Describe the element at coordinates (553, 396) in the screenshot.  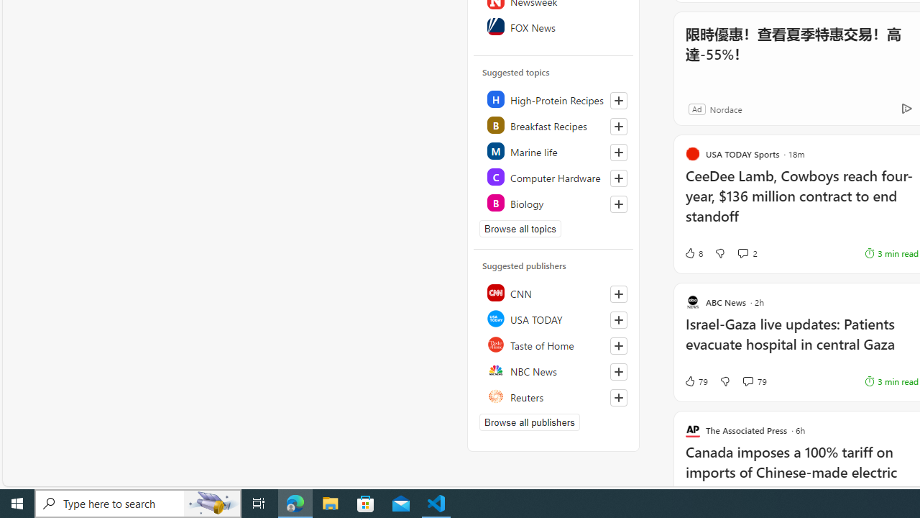
I see `'Reuters'` at that location.